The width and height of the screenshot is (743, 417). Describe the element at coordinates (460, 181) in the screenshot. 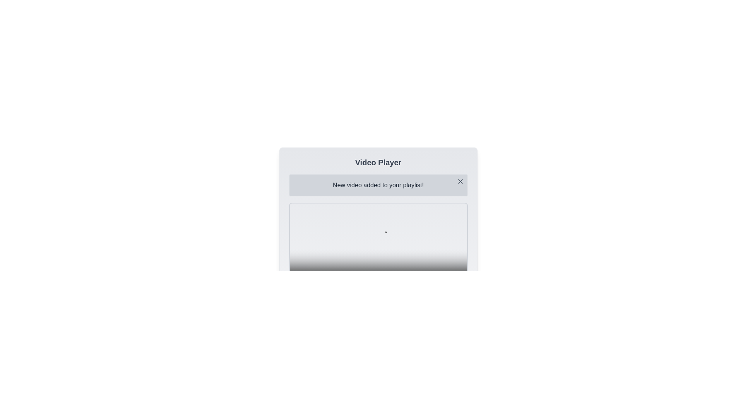

I see `the Close button represented by an 'x' icon in the top-right corner of the notification box stating 'New video added to your playlist!' to potentially reveal a tooltip` at that location.